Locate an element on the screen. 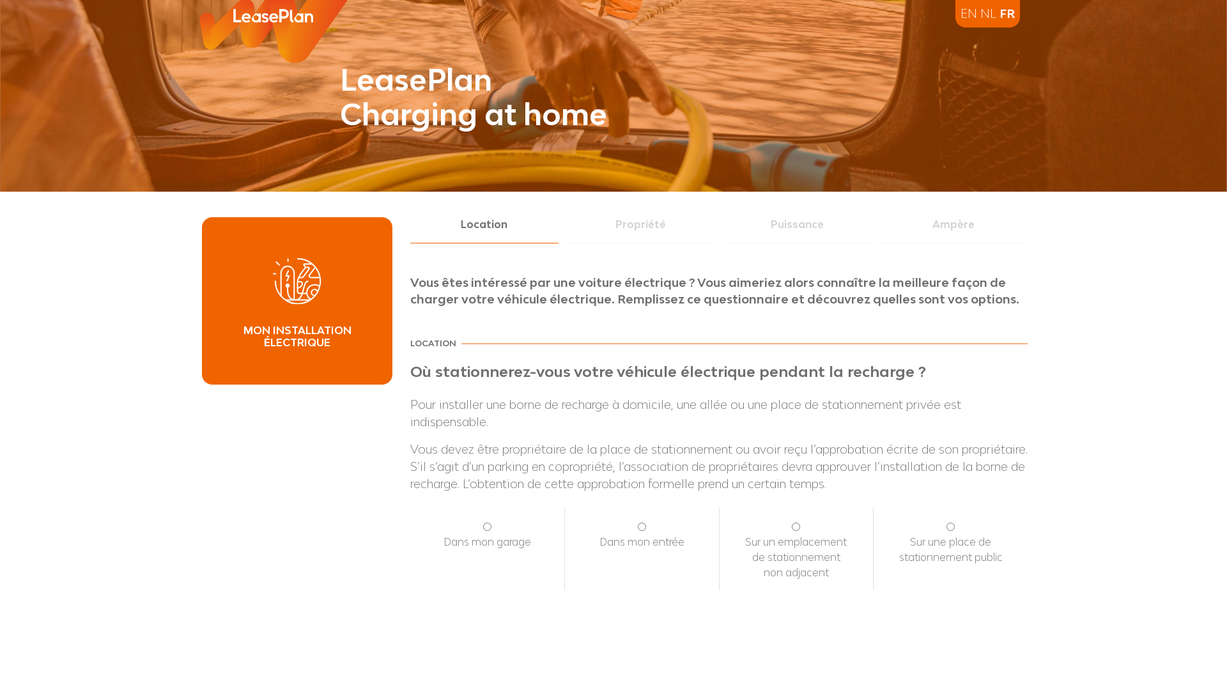  'EN' is located at coordinates (969, 13).